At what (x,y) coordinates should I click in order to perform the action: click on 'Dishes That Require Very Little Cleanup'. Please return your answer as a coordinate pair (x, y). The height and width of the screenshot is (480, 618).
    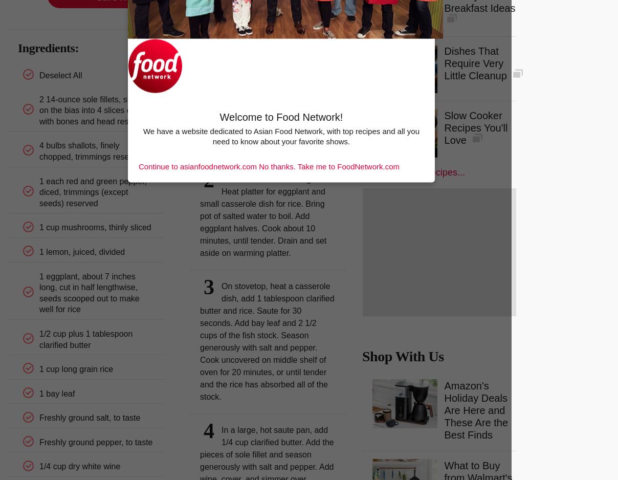
    Looking at the image, I should click on (444, 62).